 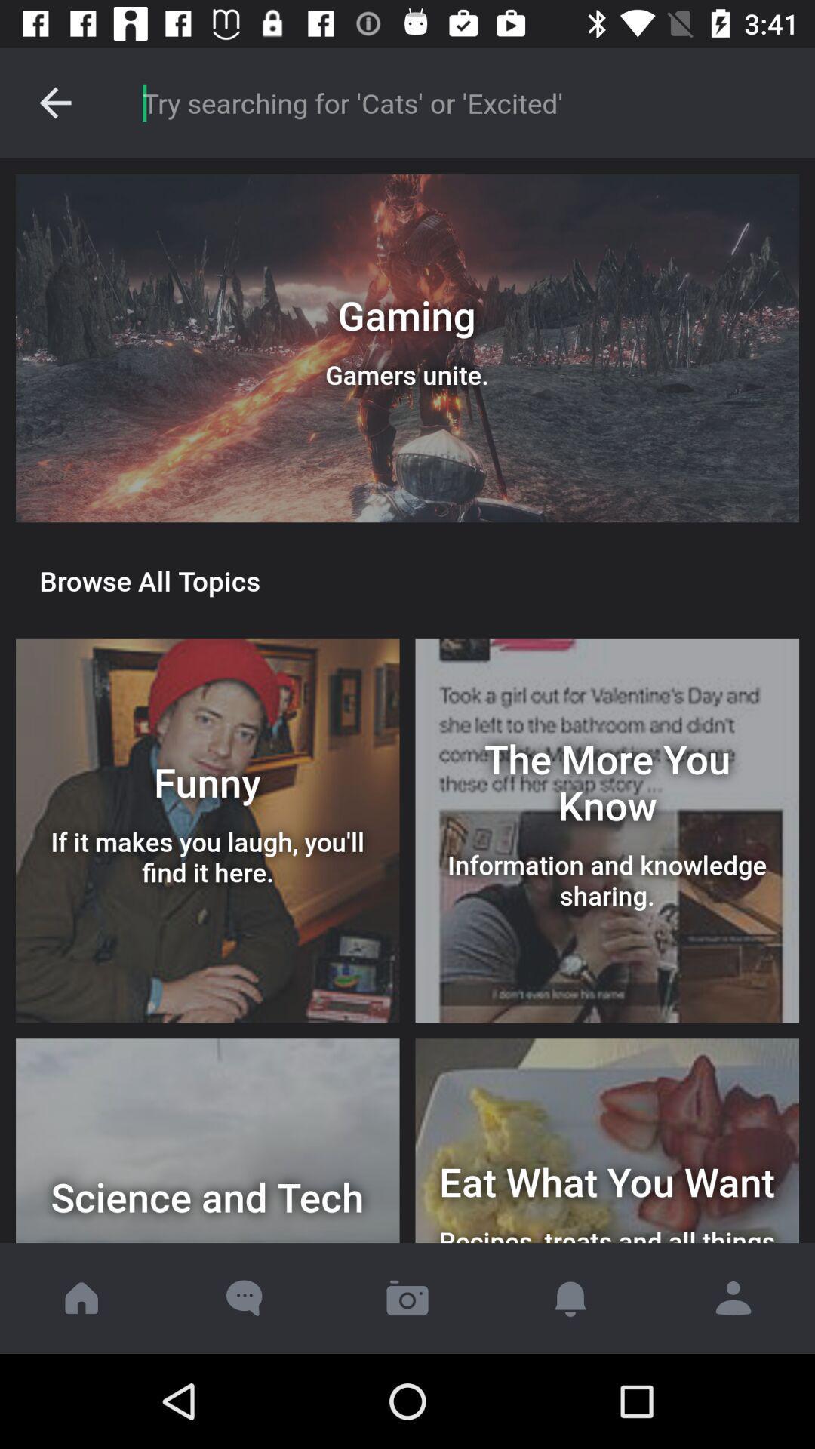 I want to click on the avatar icon, so click(x=733, y=1297).